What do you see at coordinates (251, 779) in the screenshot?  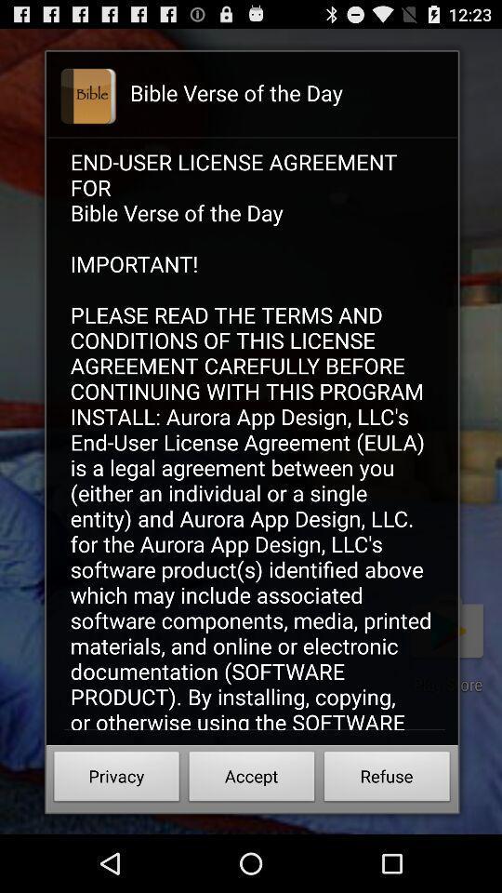 I see `accept icon` at bounding box center [251, 779].